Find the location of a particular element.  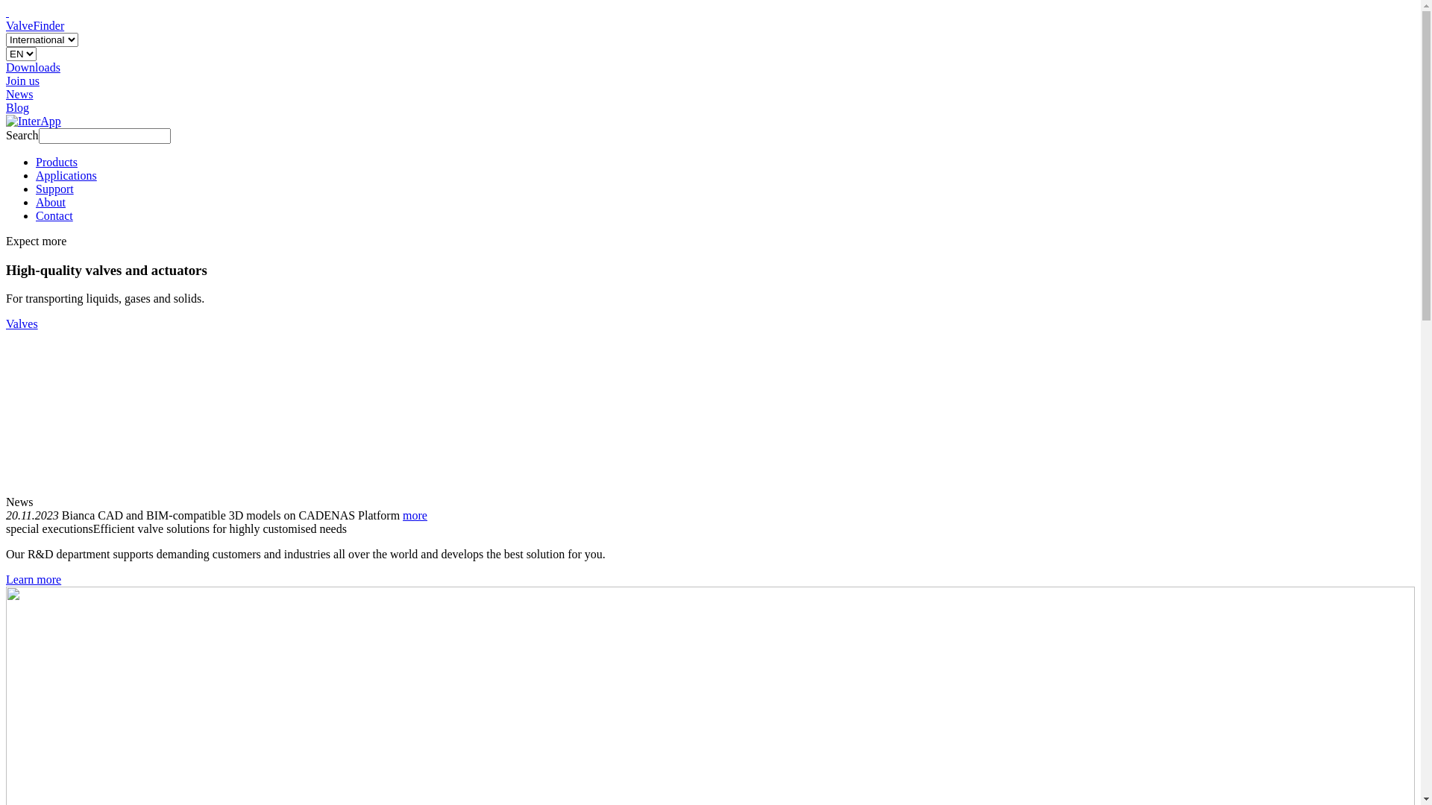

'News' is located at coordinates (19, 94).